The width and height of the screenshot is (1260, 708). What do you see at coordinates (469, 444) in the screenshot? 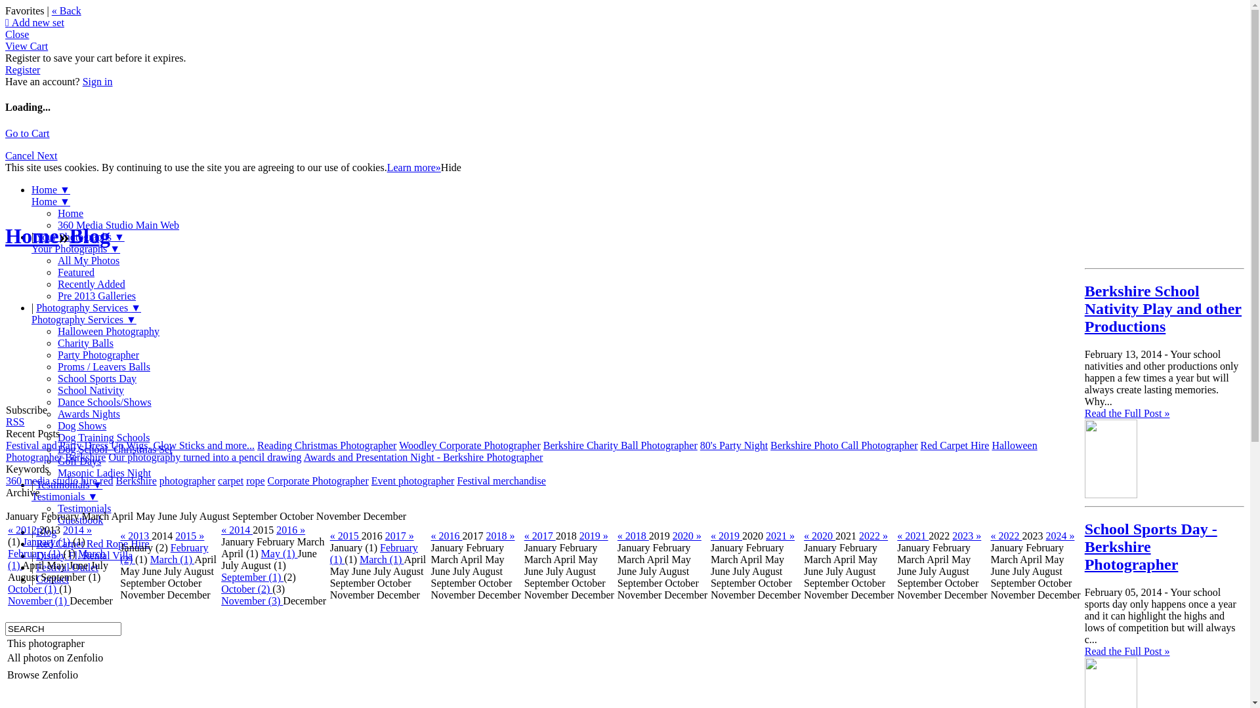
I see `'Woodley Corporate Photographer'` at bounding box center [469, 444].